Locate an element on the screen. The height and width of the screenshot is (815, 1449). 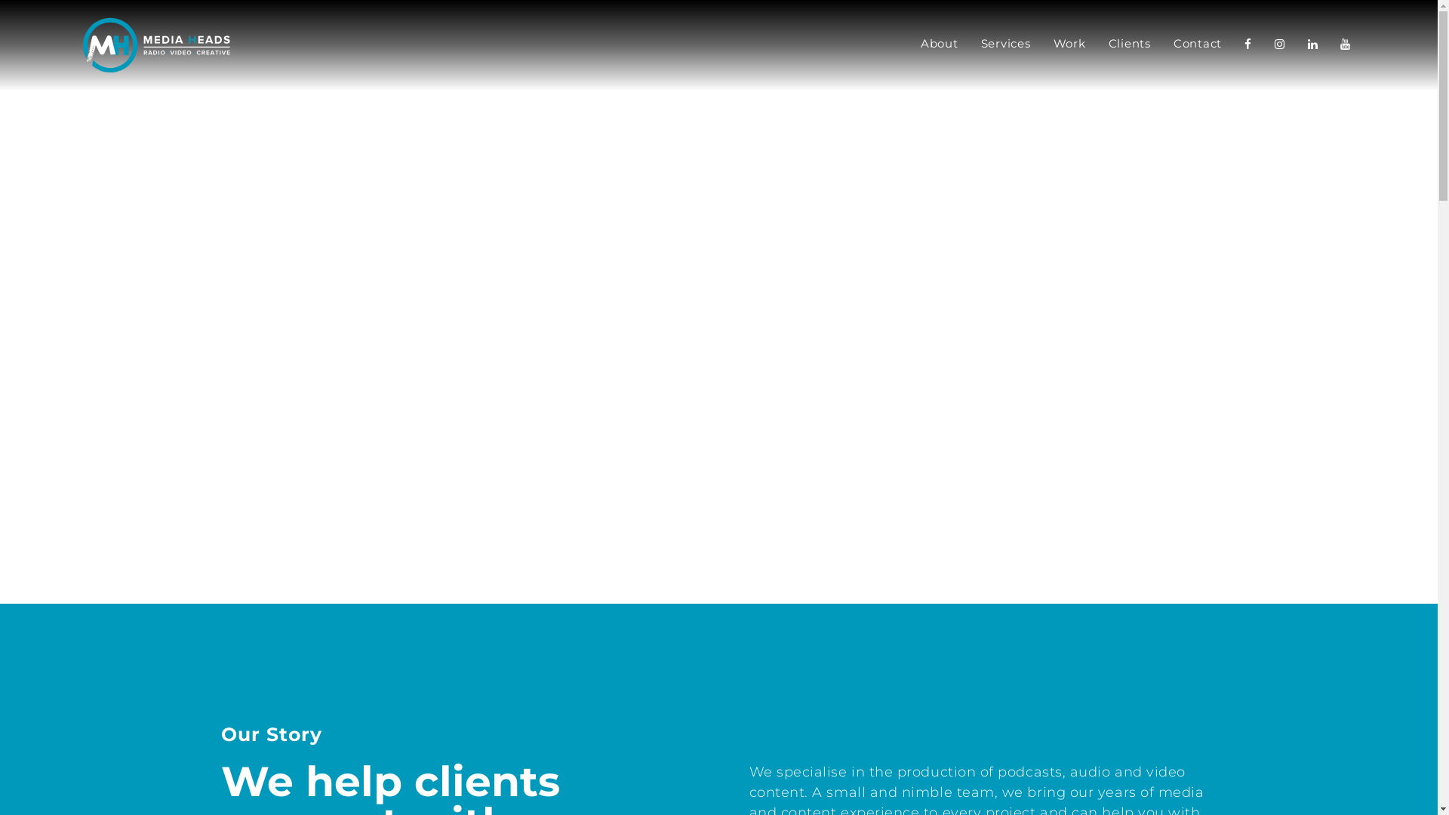
'Services' is located at coordinates (1004, 45).